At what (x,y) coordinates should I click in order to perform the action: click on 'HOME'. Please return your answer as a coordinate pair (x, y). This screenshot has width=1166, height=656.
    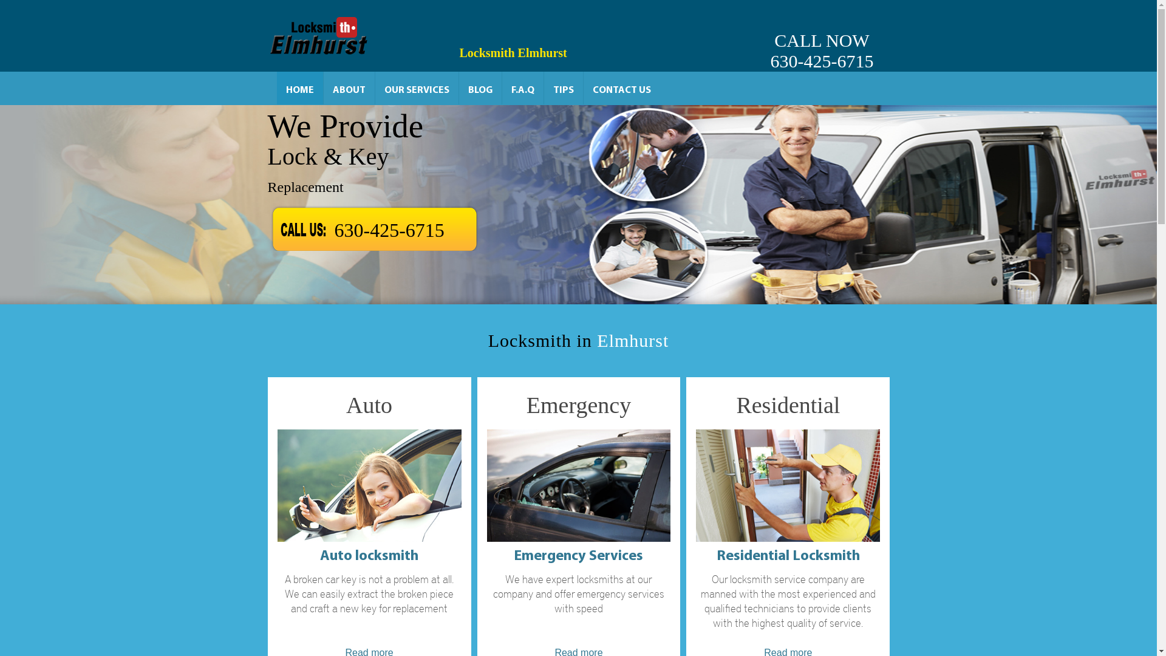
    Looking at the image, I should click on (300, 87).